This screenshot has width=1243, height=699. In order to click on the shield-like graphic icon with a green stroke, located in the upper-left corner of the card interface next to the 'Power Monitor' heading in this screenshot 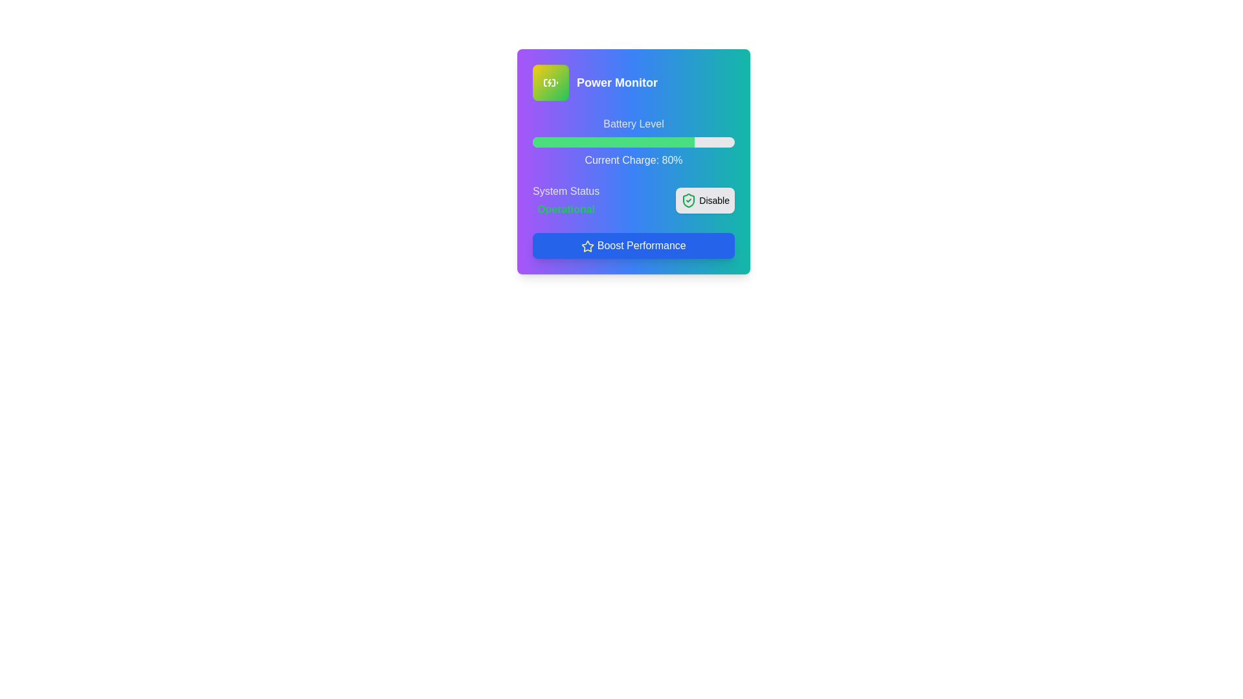, I will do `click(688, 200)`.